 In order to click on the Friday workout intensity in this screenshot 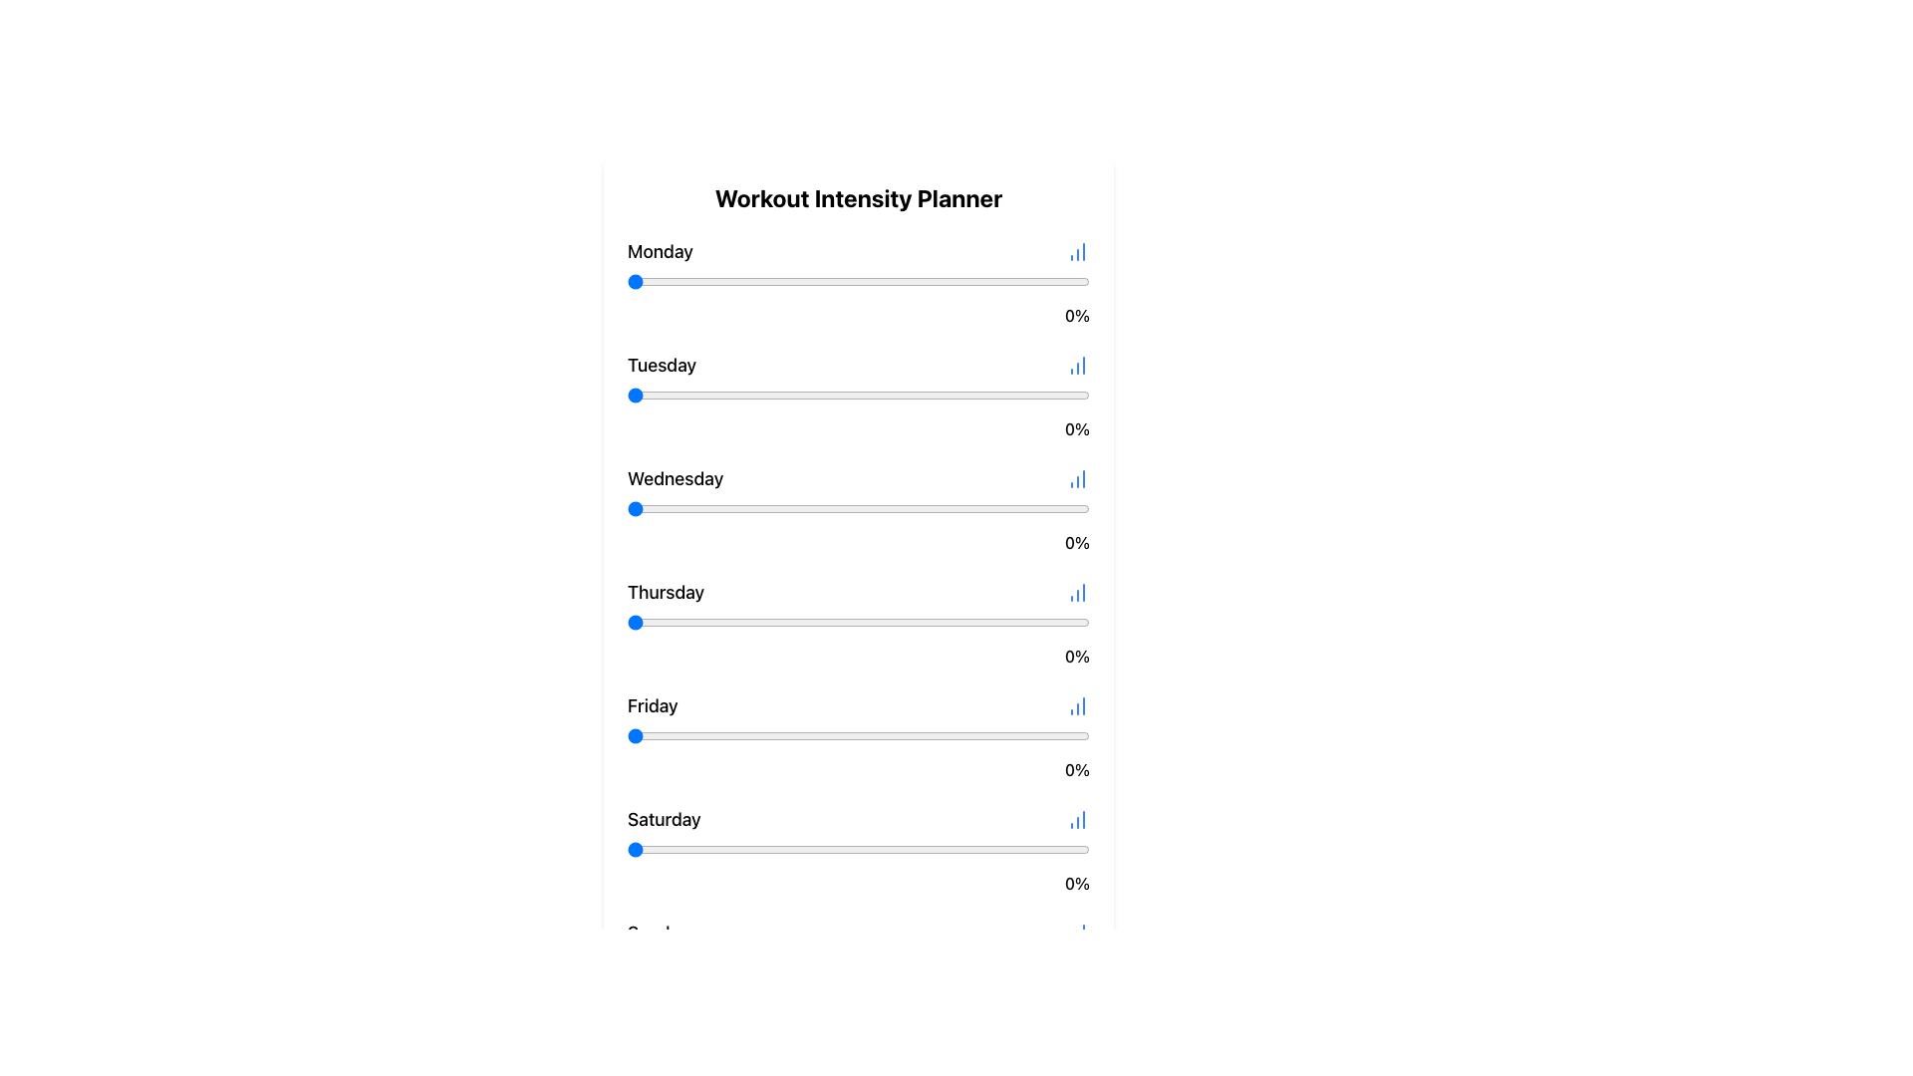, I will do `click(683, 736)`.